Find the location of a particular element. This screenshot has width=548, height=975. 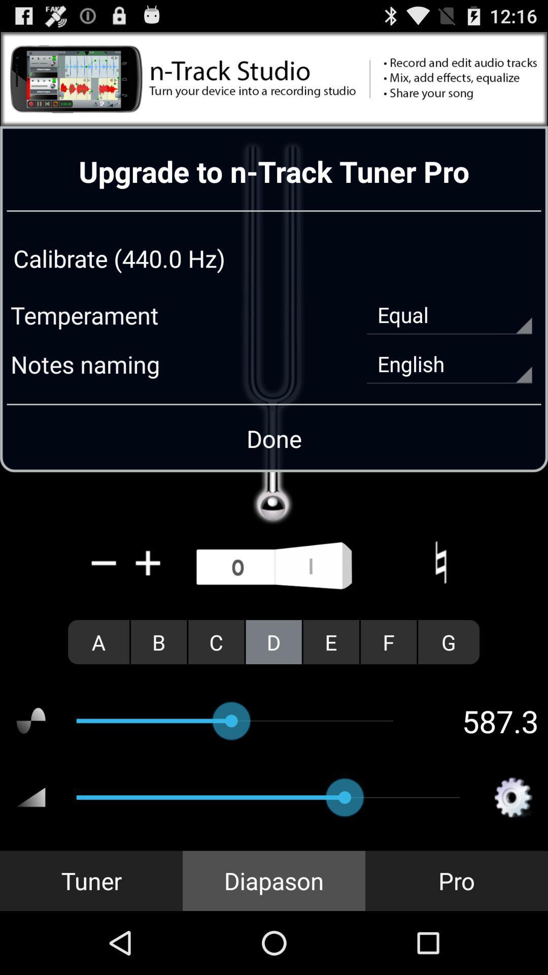

zoom option is located at coordinates (148, 562).